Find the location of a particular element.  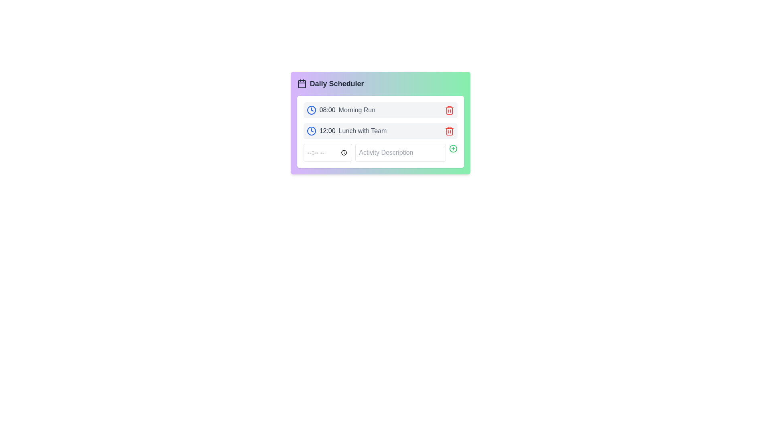

the text element that describes the scheduled activity 'Lunch with Team', which is the second entry in the list of activities associated with the time entry '12:00' is located at coordinates (362, 131).